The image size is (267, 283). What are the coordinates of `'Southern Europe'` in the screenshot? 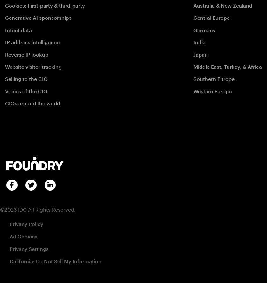 It's located at (214, 78).